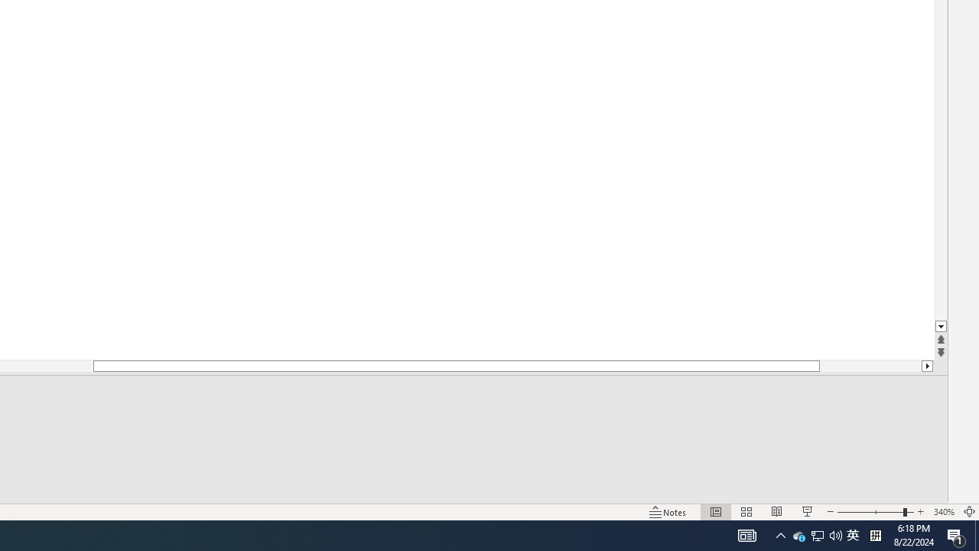  Describe the element at coordinates (943, 512) in the screenshot. I see `'Zoom 340%'` at that location.